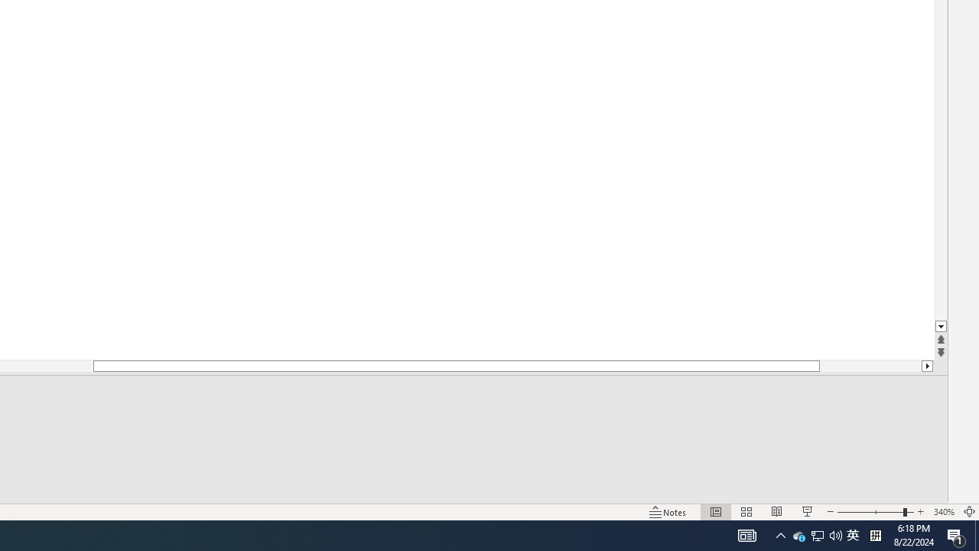  Describe the element at coordinates (943, 512) in the screenshot. I see `'Zoom 340%'` at that location.